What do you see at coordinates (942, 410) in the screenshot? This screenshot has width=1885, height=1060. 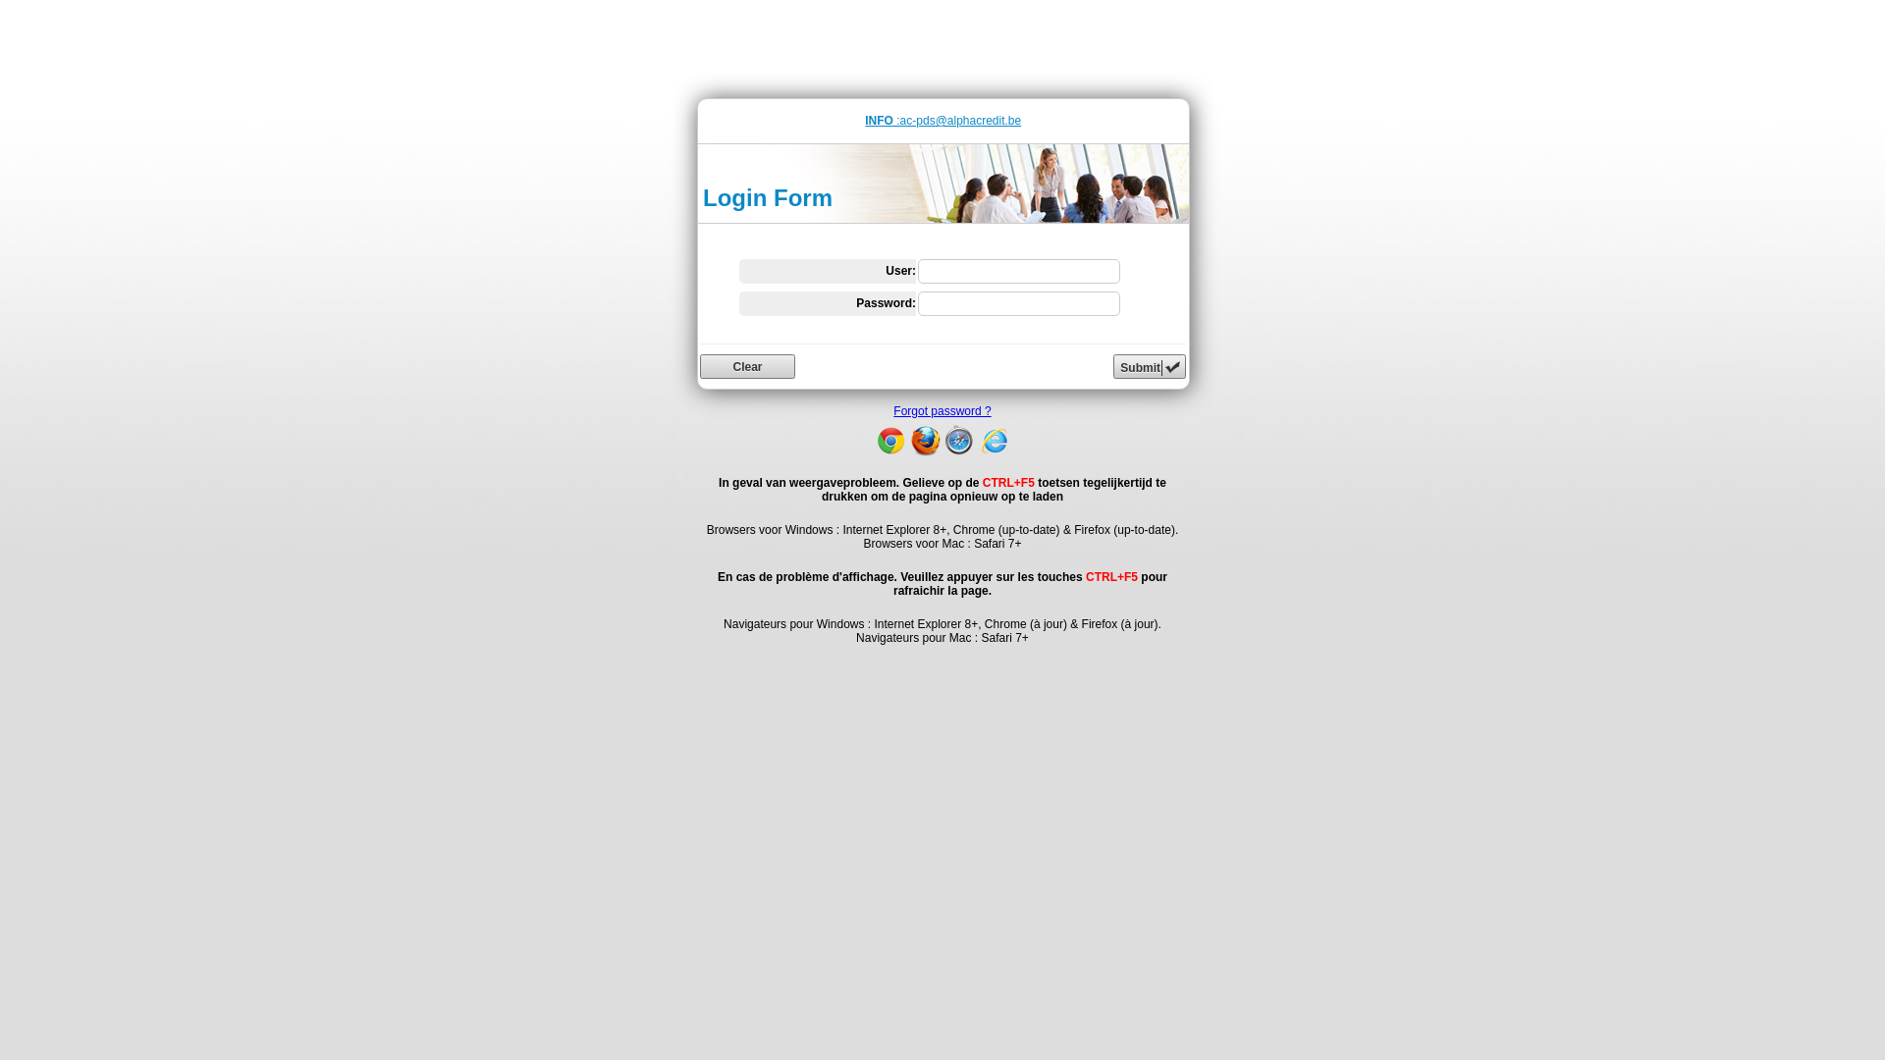 I see `'Forgot password ?'` at bounding box center [942, 410].